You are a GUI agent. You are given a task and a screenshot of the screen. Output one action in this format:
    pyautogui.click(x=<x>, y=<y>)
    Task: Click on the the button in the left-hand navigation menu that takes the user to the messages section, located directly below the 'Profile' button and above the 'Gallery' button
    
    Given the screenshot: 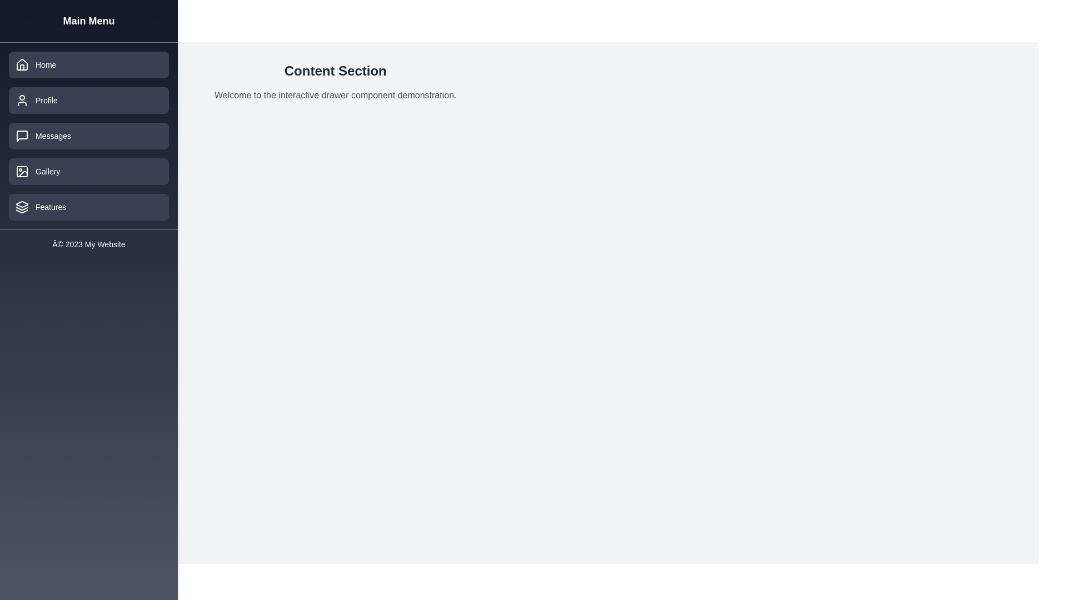 What is the action you would take?
    pyautogui.click(x=88, y=136)
    